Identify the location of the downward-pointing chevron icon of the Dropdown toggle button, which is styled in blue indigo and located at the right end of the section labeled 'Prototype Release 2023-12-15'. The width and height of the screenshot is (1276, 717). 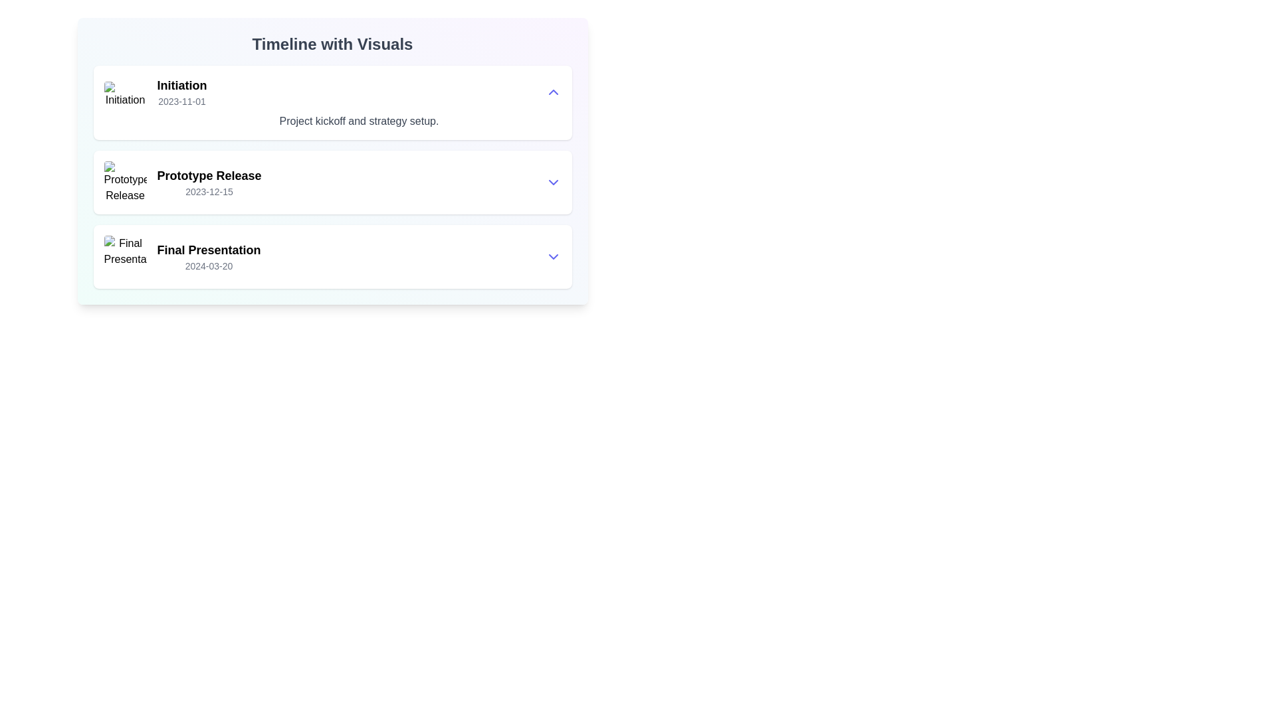
(553, 182).